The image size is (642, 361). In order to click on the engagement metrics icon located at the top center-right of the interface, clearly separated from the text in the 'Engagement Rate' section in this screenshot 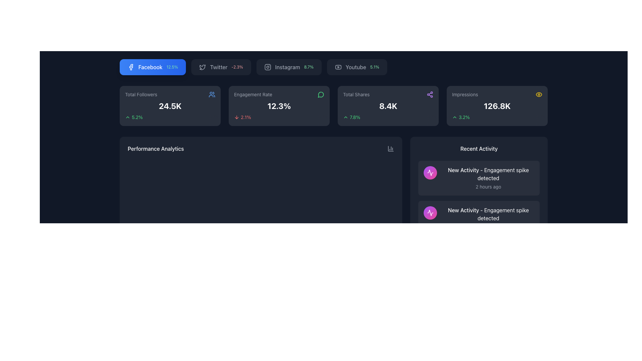, I will do `click(320, 95)`.